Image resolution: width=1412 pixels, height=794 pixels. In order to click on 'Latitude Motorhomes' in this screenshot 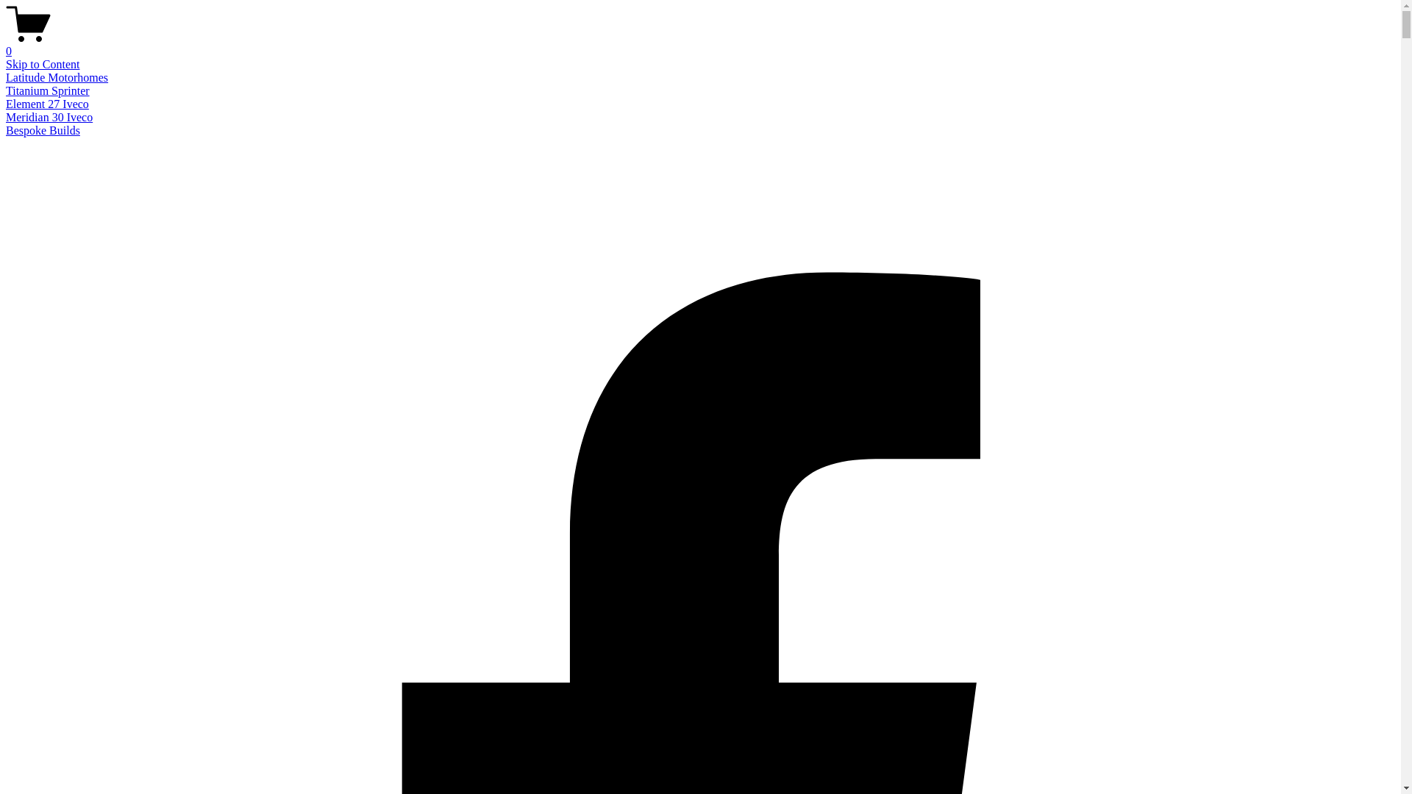, I will do `click(57, 77)`.